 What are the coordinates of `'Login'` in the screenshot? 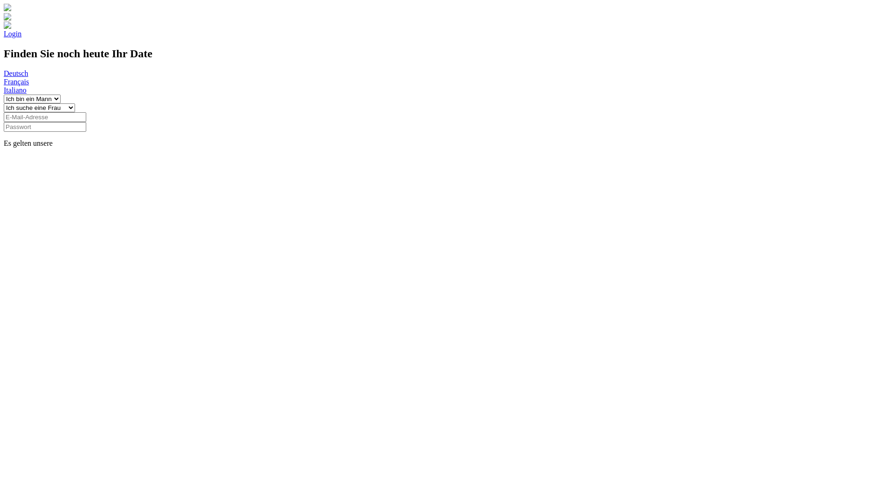 It's located at (13, 33).